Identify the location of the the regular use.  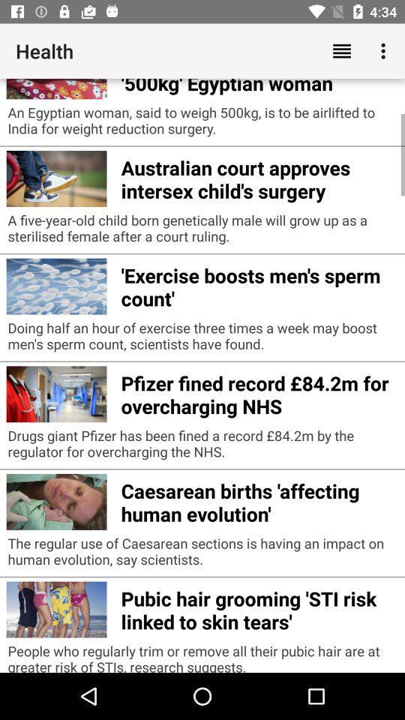
(202, 554).